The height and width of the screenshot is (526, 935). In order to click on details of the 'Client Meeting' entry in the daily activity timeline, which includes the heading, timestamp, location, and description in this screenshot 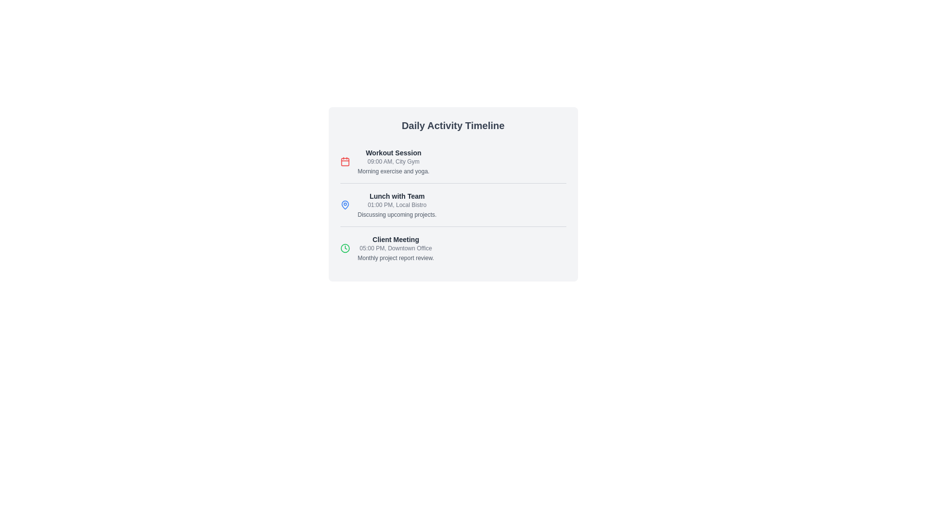, I will do `click(395, 247)`.